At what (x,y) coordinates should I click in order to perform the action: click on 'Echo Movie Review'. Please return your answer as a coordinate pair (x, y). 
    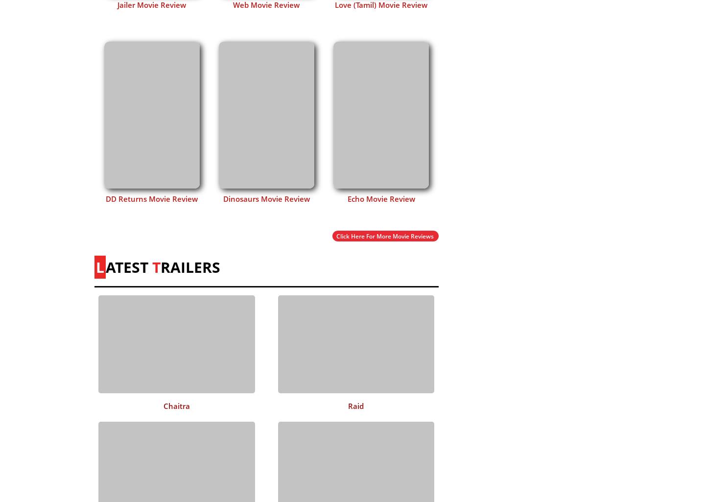
    Looking at the image, I should click on (380, 198).